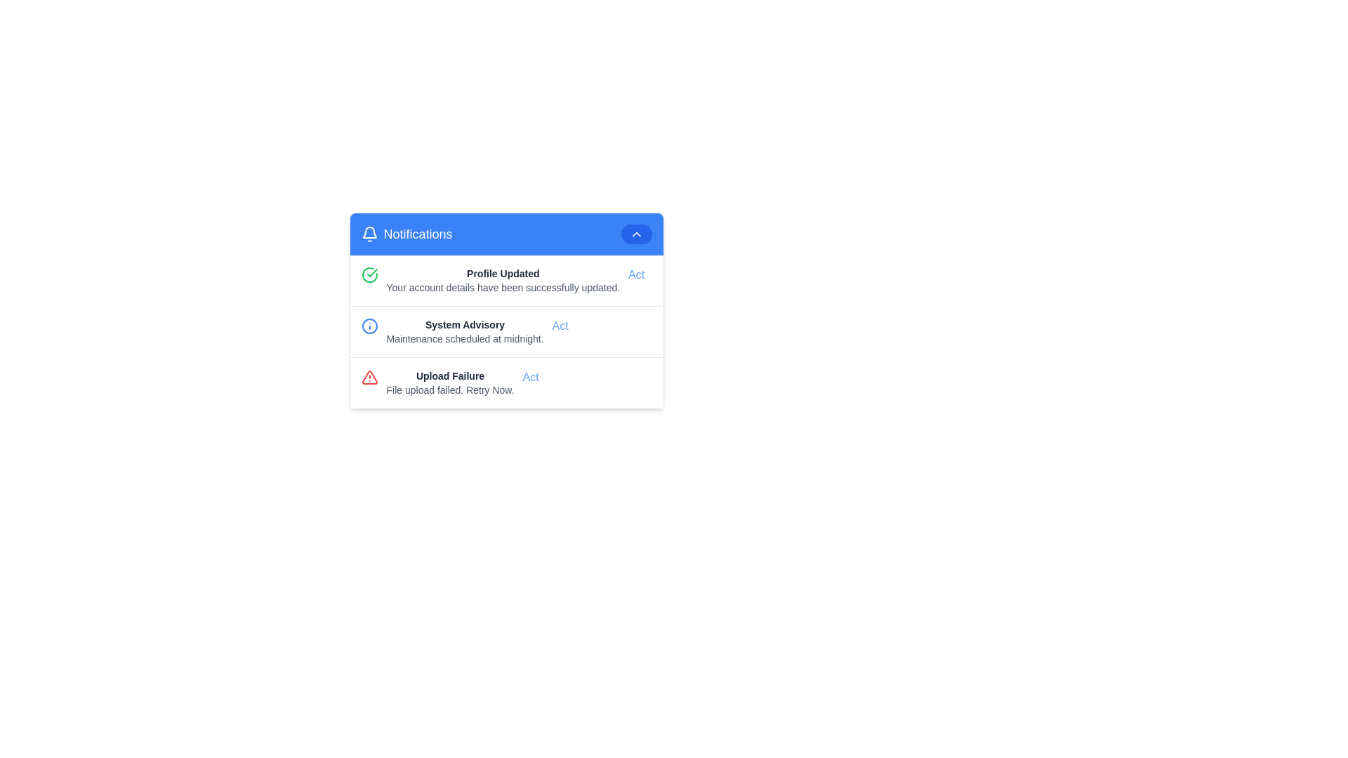  I want to click on the checkmark icon that indicates the success of the 'Profile Updated' status within the Notifications panel, so click(371, 273).